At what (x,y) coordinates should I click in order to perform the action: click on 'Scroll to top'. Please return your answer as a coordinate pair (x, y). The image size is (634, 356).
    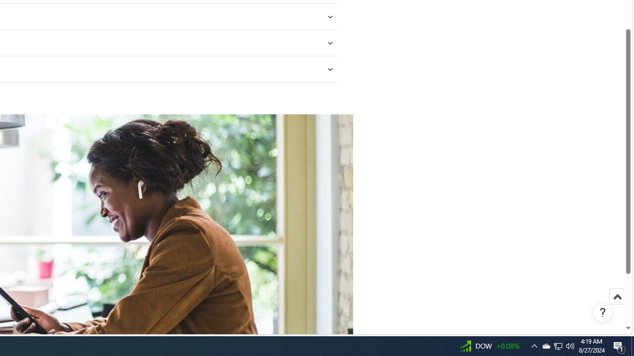
    Looking at the image, I should click on (617, 307).